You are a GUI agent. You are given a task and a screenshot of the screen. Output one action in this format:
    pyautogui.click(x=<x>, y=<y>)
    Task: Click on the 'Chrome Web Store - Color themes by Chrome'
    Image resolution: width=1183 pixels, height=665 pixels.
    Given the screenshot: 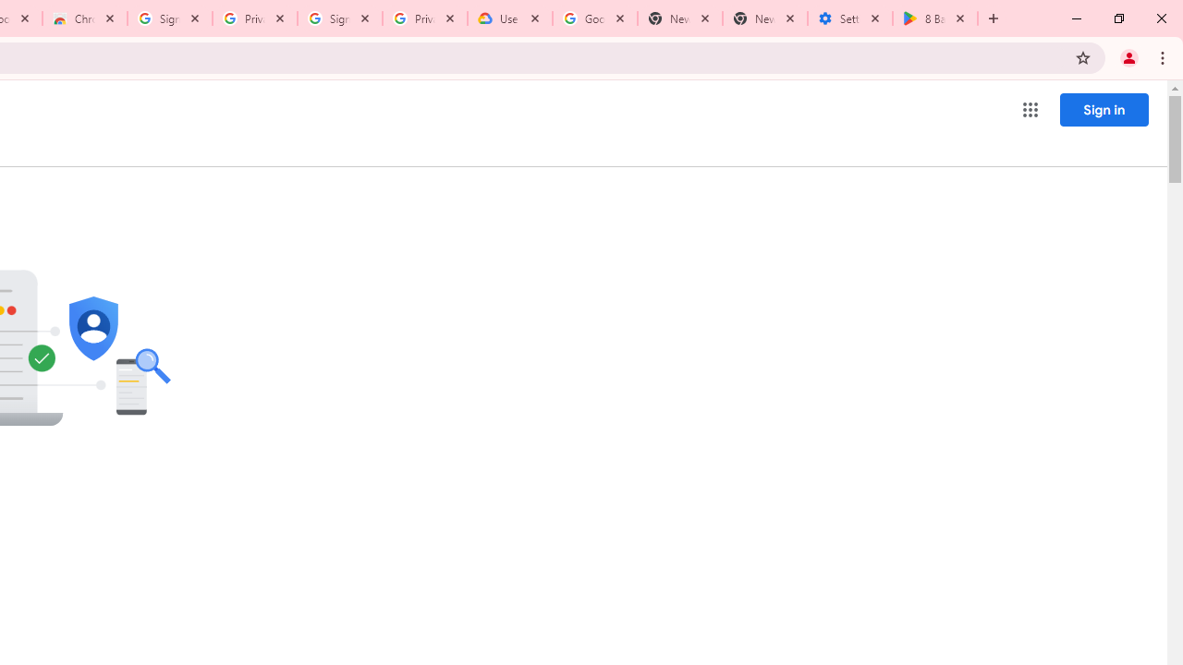 What is the action you would take?
    pyautogui.click(x=84, y=18)
    